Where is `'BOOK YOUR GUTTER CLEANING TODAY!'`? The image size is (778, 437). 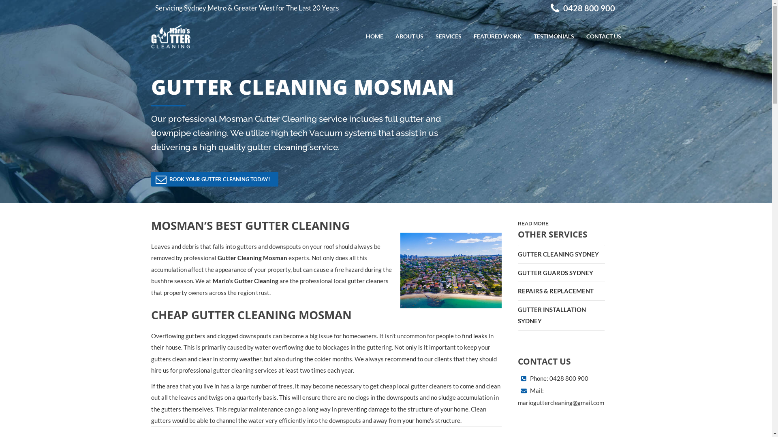
'BOOK YOUR GUTTER CLEANING TODAY!' is located at coordinates (214, 179).